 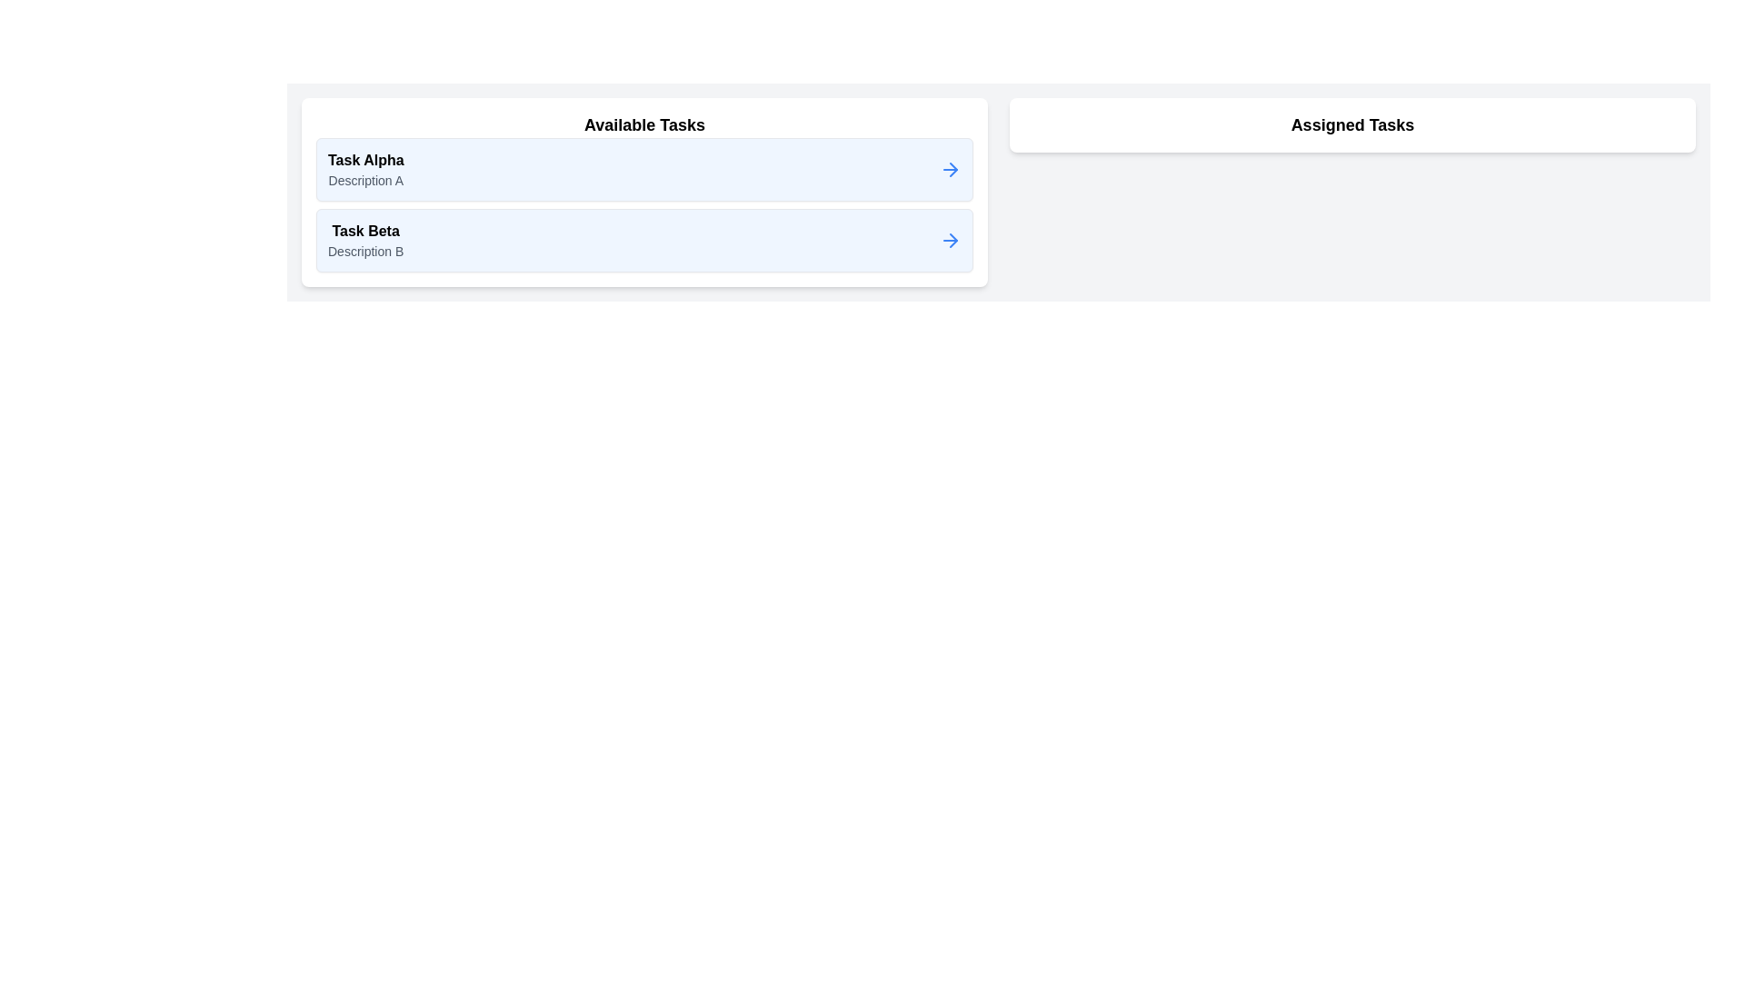 I want to click on arrow button next to the task Task Beta in the Available Tasks list, so click(x=950, y=240).